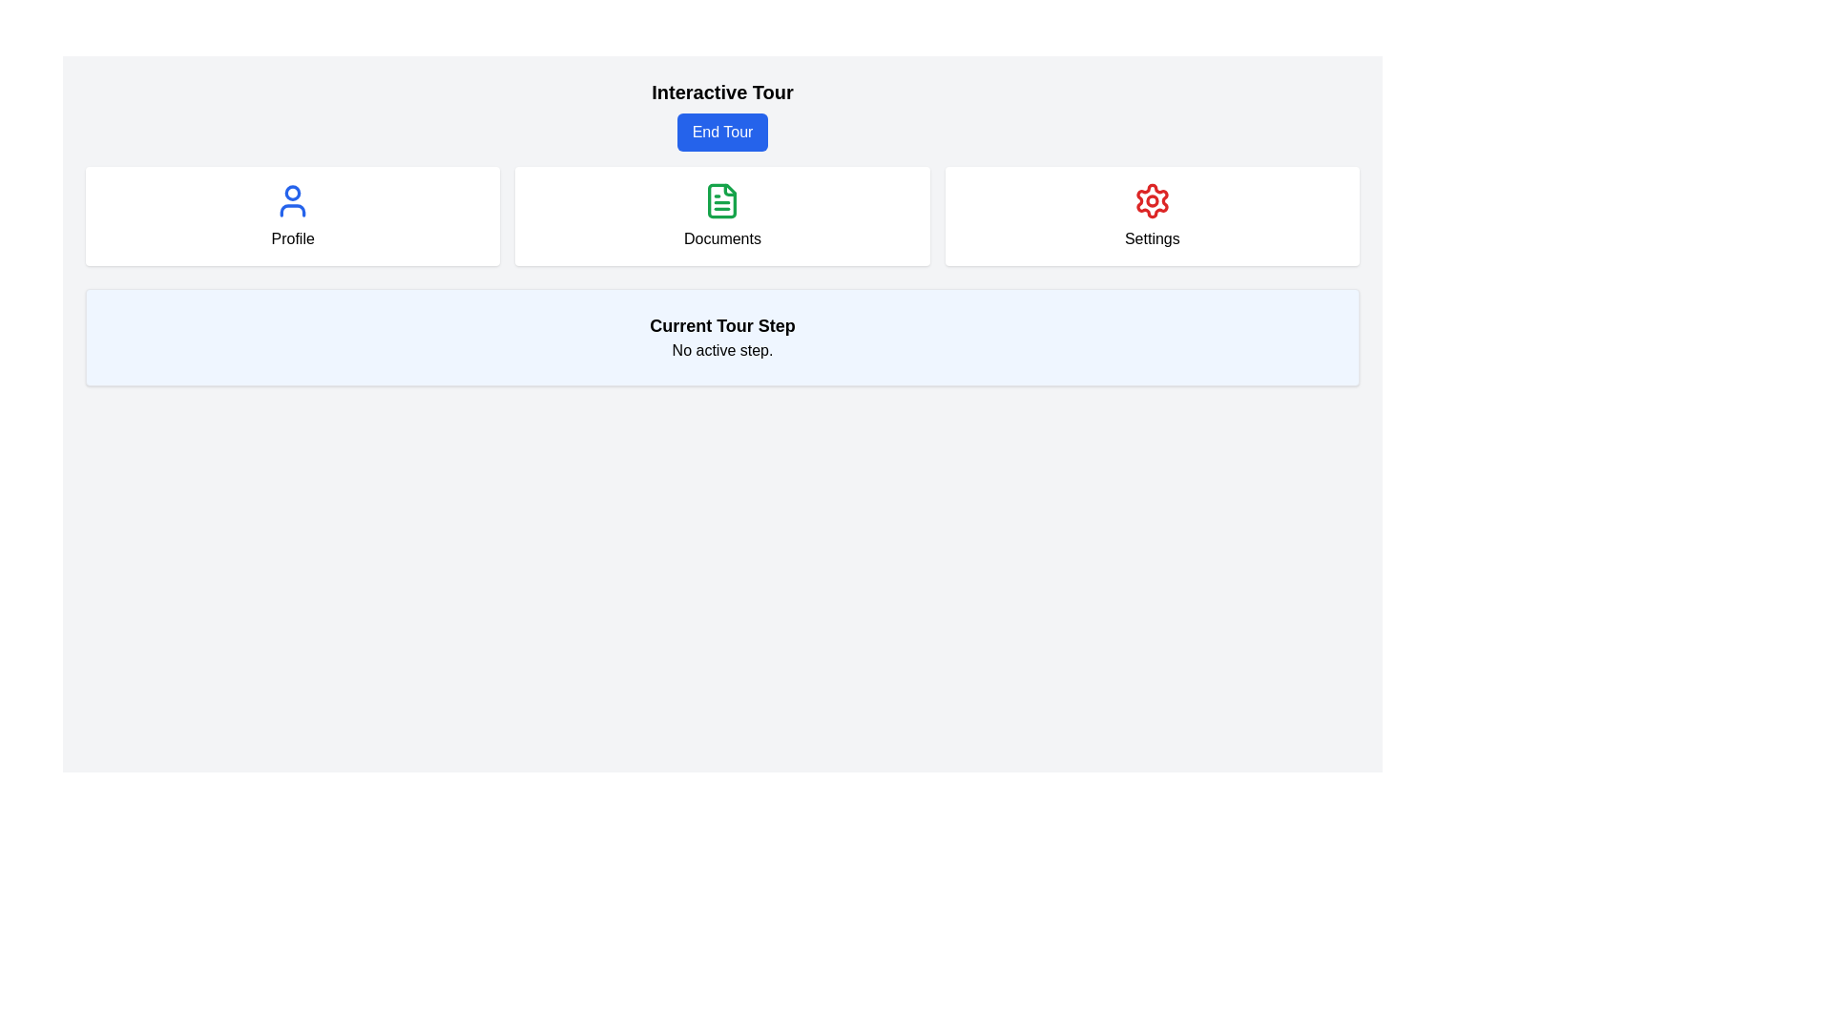  What do you see at coordinates (1151, 237) in the screenshot?
I see `the non-interactive text label indicating the purpose of the 'Settings' section, which is positioned below the gear icon and adjacent to other similar containers` at bounding box center [1151, 237].